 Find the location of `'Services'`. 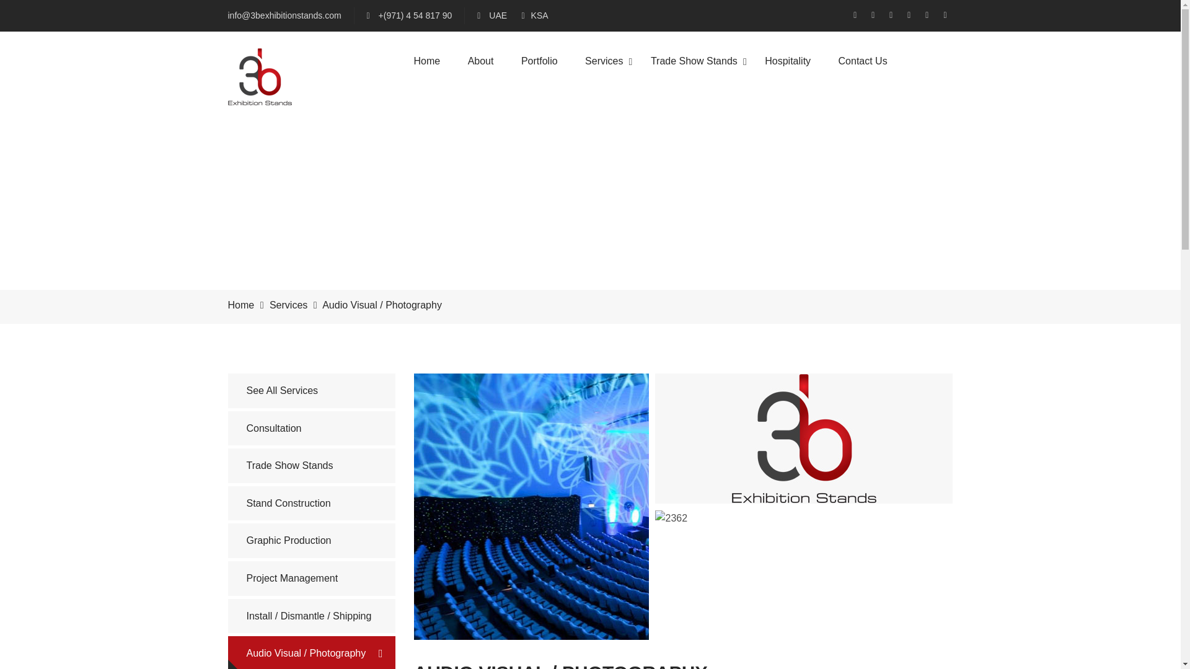

'Services' is located at coordinates (288, 305).